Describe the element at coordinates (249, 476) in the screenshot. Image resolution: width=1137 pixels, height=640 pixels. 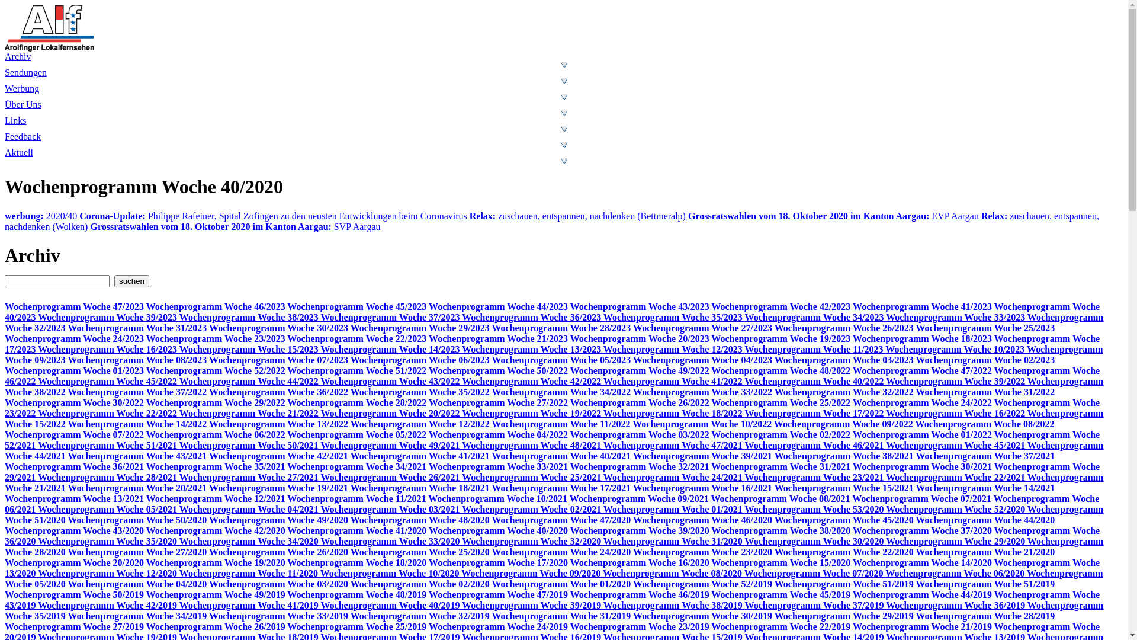
I see `'Wochenprogramm Woche 27/2021'` at that location.